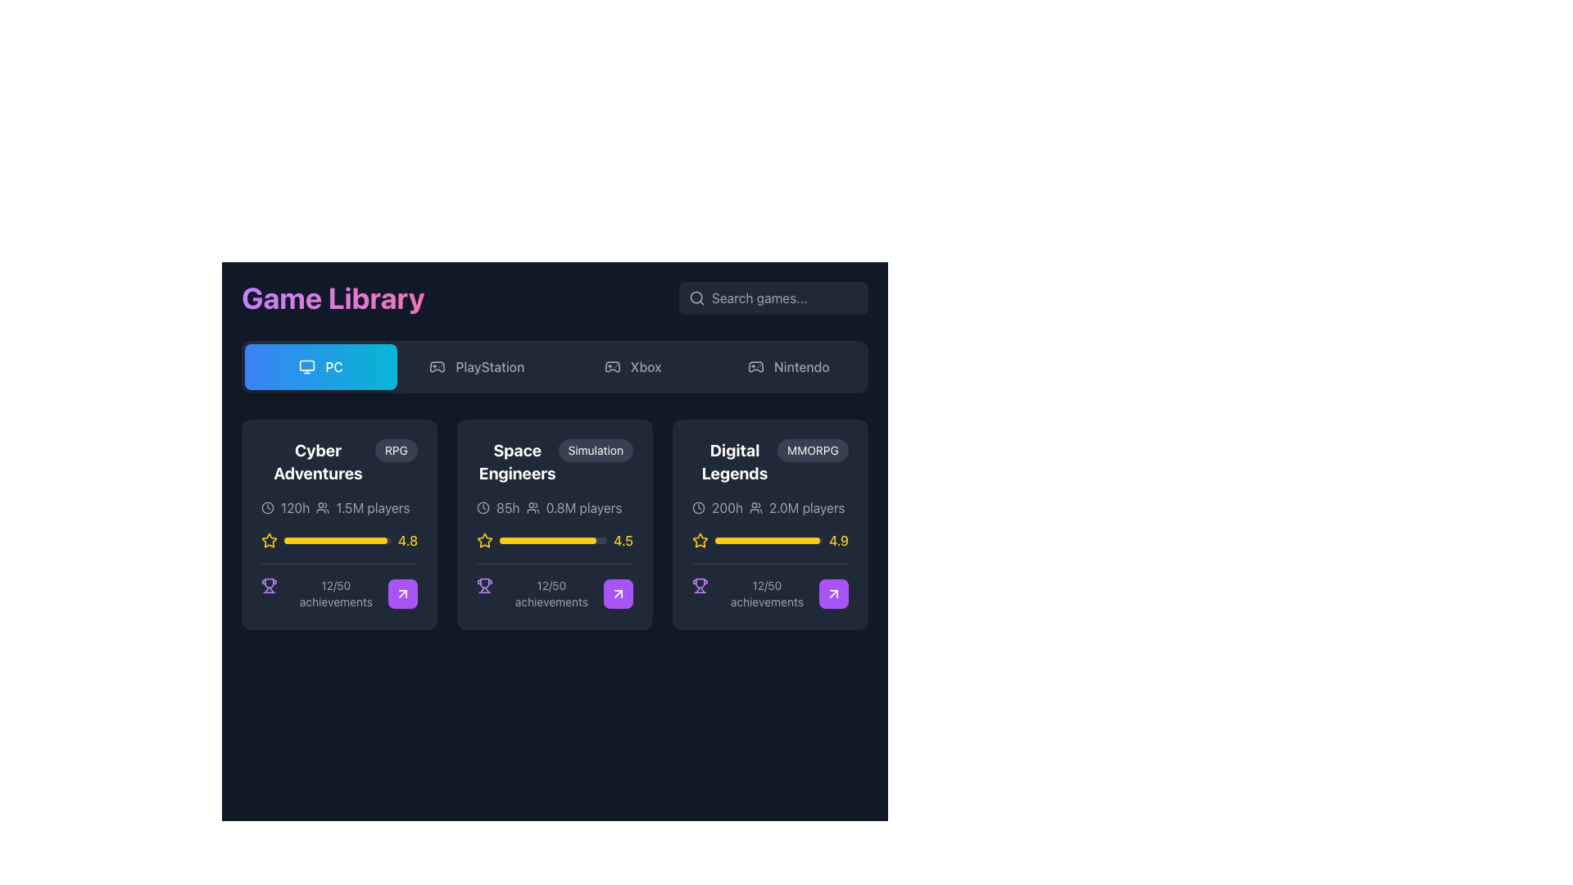  I want to click on the time icon associated with the '120h' text within the 'Cyber Adventures' card located at the top-left of the card's description, so click(267, 507).